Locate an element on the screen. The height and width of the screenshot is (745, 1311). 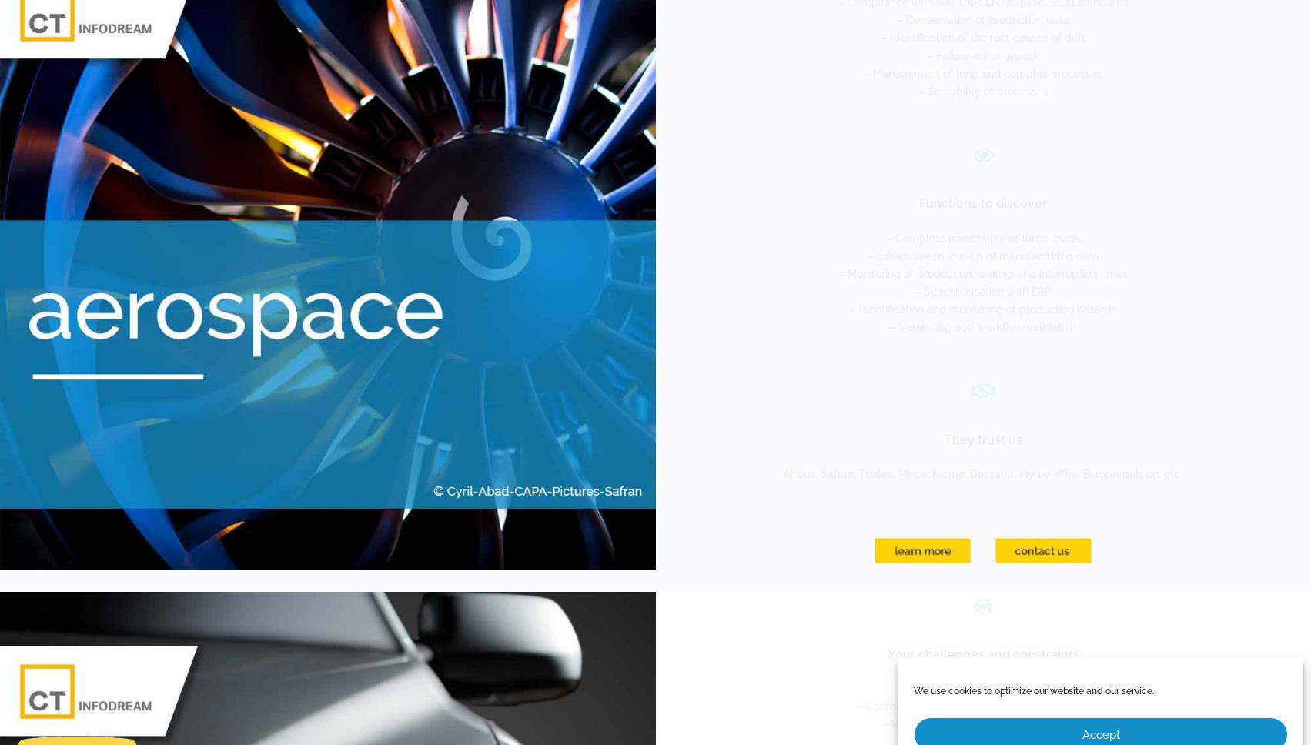
'Airbus, Safran, Thales, Mecachrome, Dassault, Fly by Wire, Europropulsion, etc.' is located at coordinates (982, 473).